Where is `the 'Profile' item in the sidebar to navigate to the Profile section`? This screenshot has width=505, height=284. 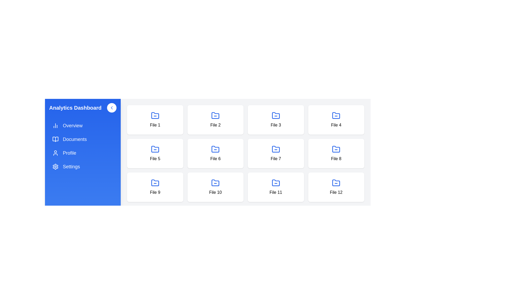 the 'Profile' item in the sidebar to navigate to the Profile section is located at coordinates (83, 153).